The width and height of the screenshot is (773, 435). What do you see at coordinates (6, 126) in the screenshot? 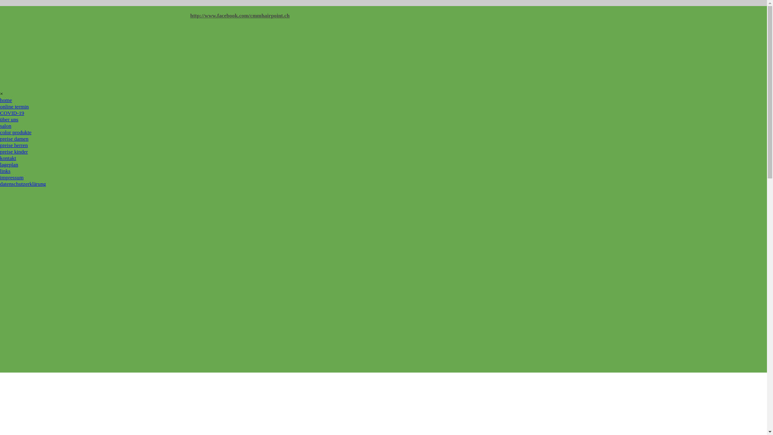
I see `'salon'` at bounding box center [6, 126].